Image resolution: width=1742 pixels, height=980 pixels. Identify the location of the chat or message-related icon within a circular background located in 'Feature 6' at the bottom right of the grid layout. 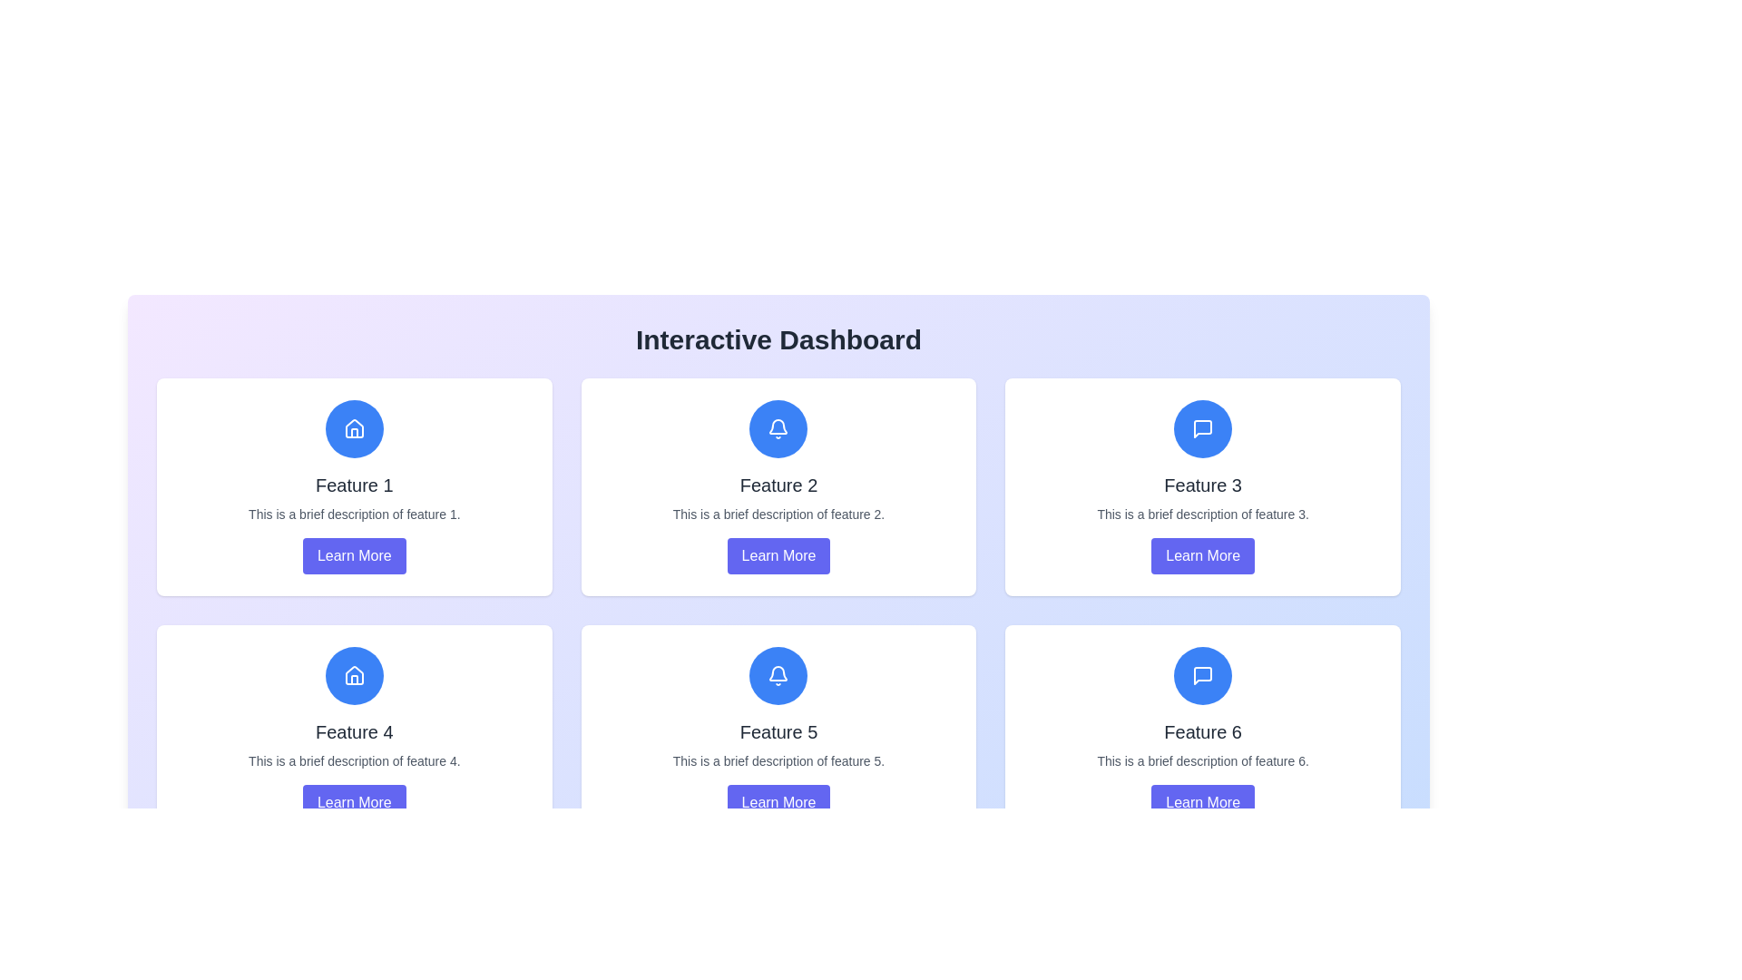
(1203, 675).